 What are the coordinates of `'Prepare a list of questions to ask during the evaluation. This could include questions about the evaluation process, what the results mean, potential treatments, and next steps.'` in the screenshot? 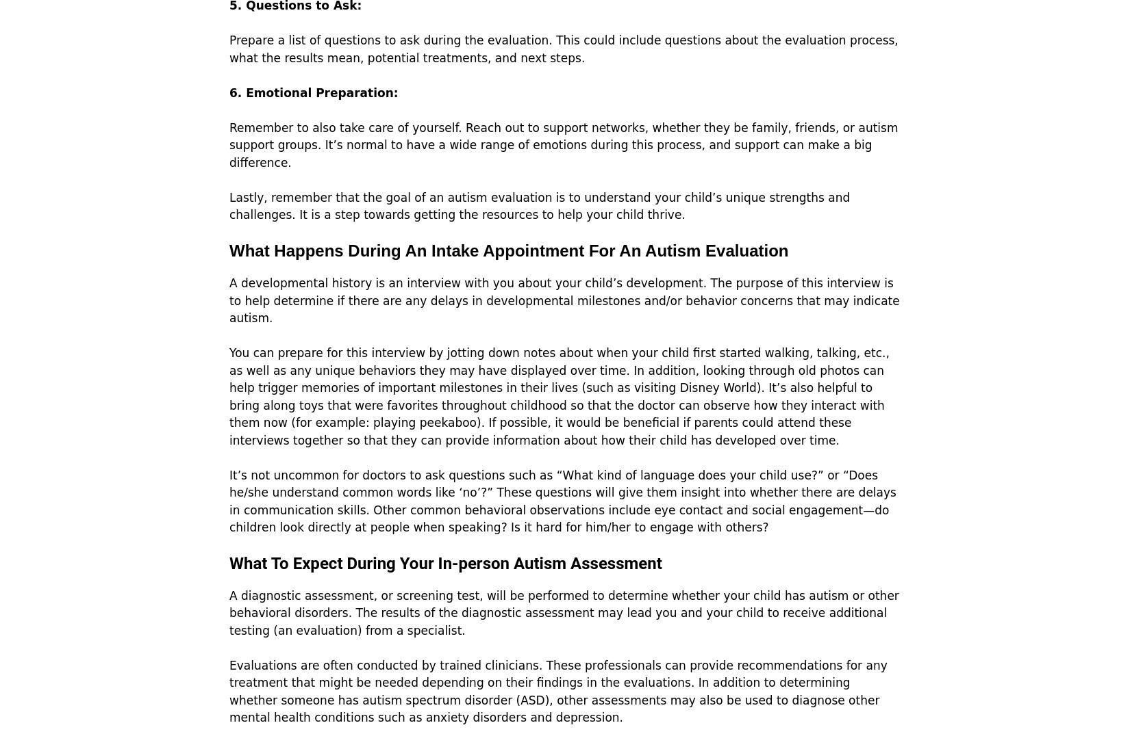 It's located at (229, 49).